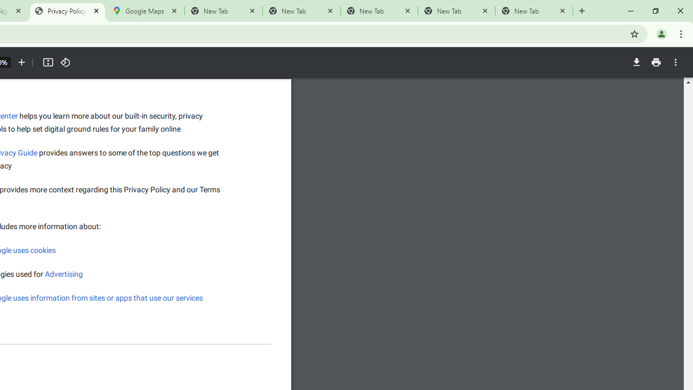 The image size is (693, 390). What do you see at coordinates (636, 62) in the screenshot?
I see `'Download'` at bounding box center [636, 62].